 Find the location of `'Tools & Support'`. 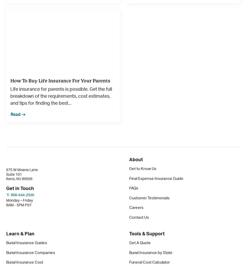

'Tools & Support' is located at coordinates (147, 234).